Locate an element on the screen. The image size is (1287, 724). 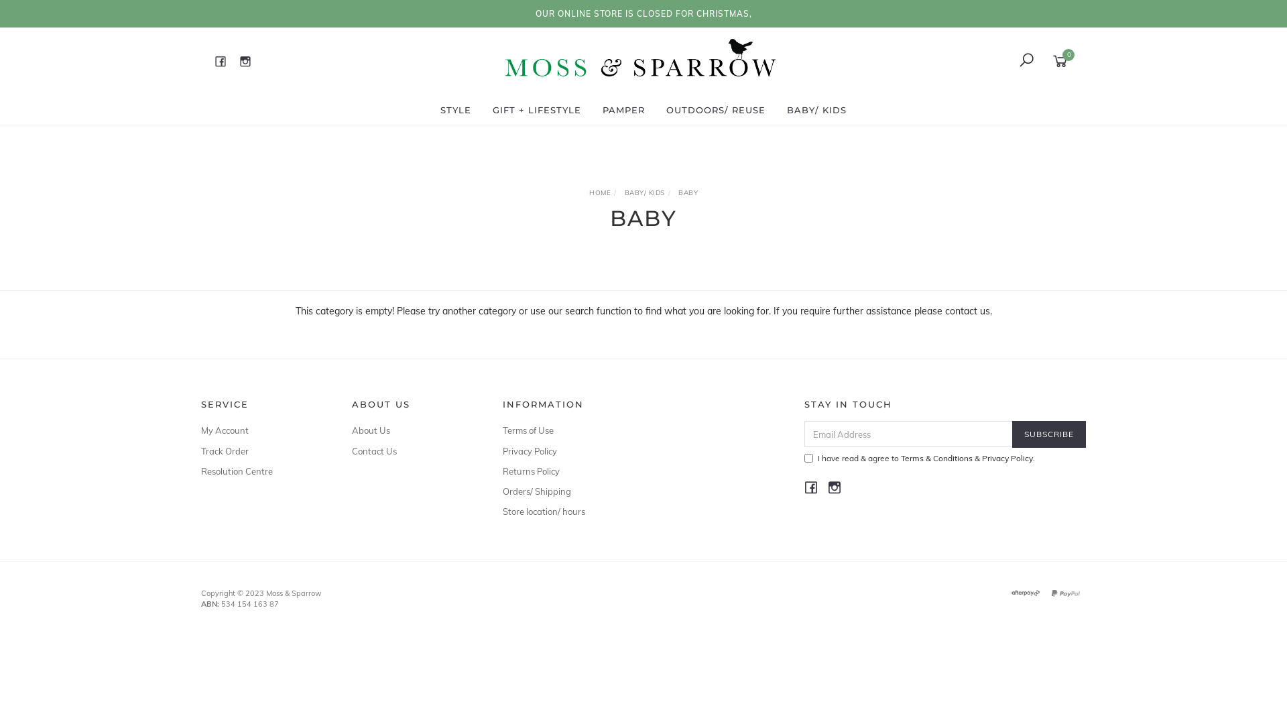
'STYLE' is located at coordinates (456, 109).